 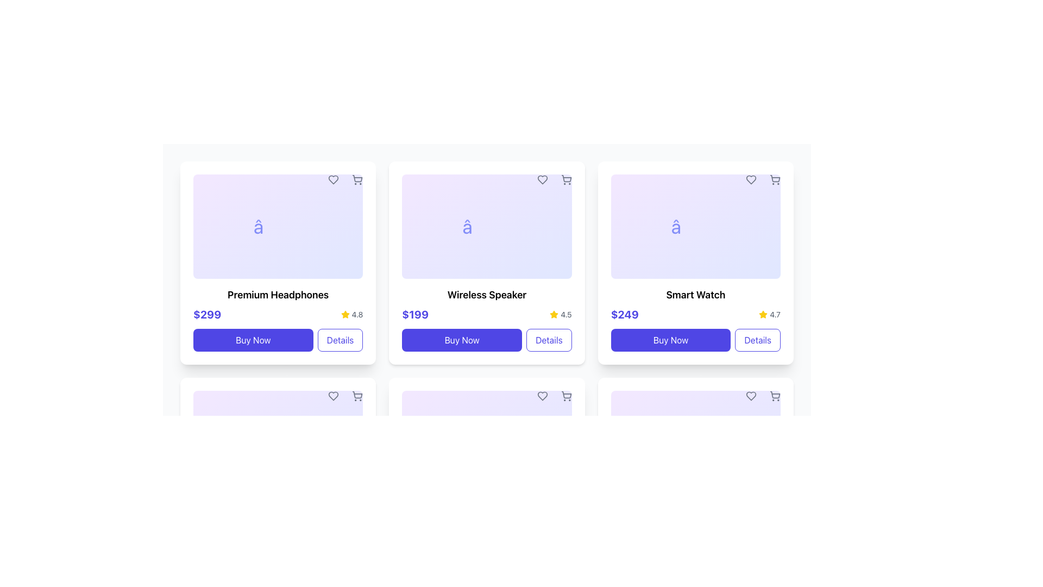 I want to click on the yellow star icon located in the upper-right corner of the 'Smart Watch' product card, adjacent to the heart and shopping cart icons, so click(x=763, y=314).